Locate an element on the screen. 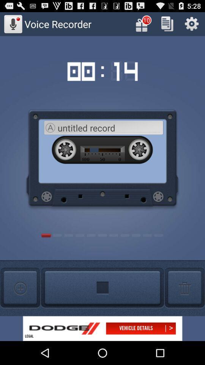 This screenshot has width=205, height=365. more options is located at coordinates (20, 287).